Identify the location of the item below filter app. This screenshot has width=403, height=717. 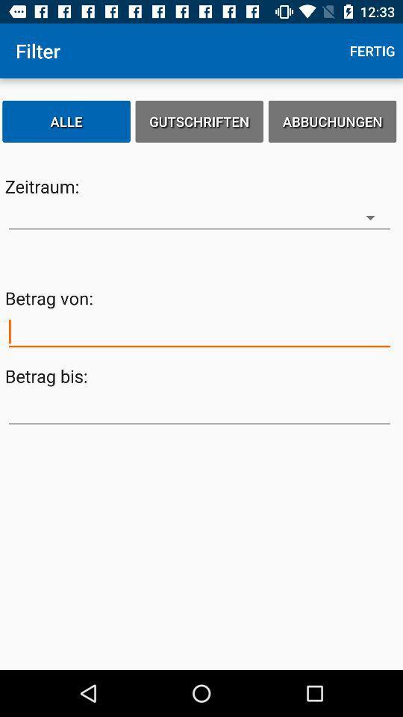
(66, 120).